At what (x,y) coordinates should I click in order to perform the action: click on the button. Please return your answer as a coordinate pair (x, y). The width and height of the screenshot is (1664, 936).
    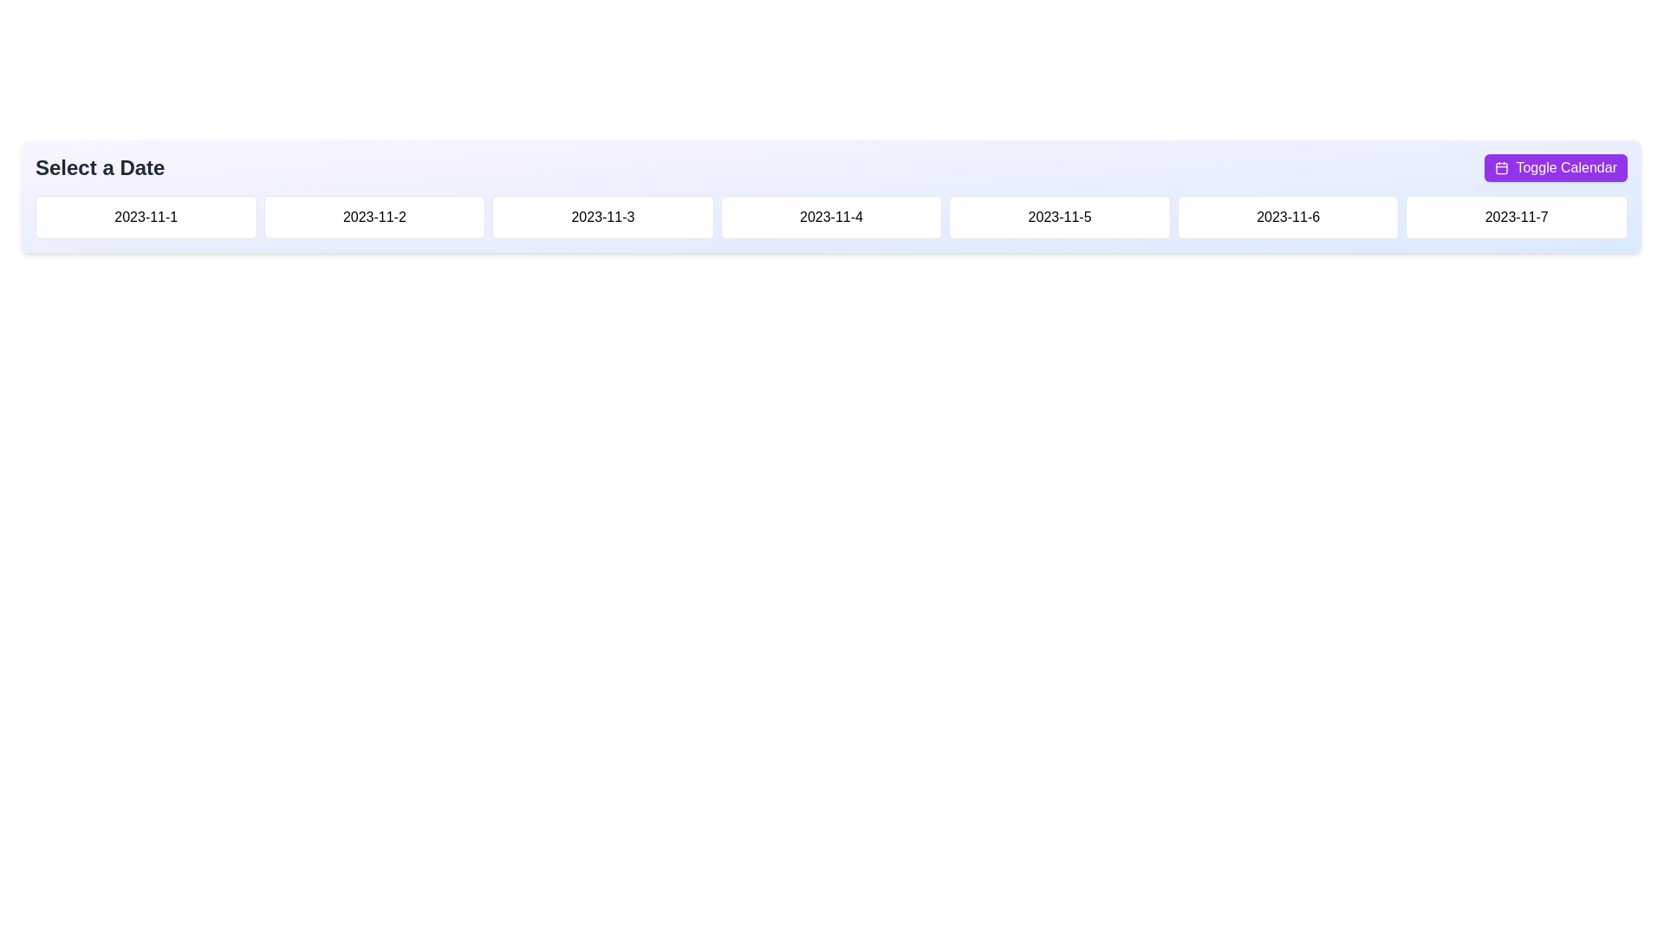
    Looking at the image, I should click on (374, 216).